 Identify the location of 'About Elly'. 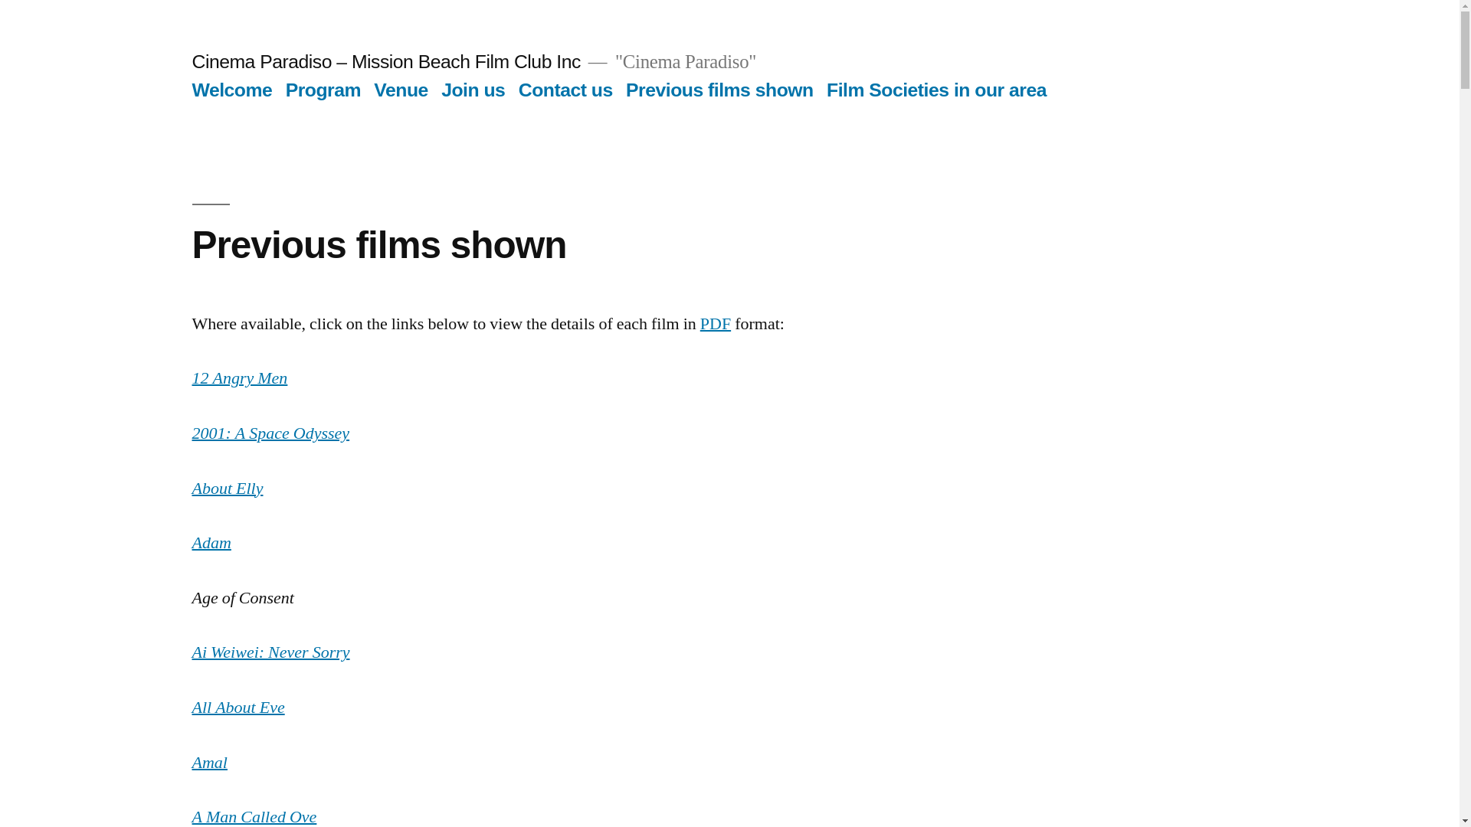
(226, 488).